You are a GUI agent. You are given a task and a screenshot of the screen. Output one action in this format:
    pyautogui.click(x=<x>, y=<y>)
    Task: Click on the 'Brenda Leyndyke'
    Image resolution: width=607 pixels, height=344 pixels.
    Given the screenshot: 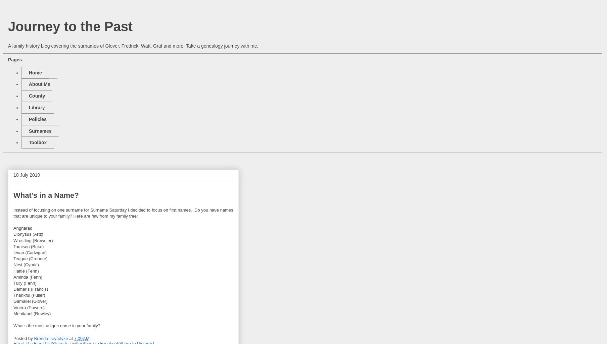 What is the action you would take?
    pyautogui.click(x=51, y=338)
    